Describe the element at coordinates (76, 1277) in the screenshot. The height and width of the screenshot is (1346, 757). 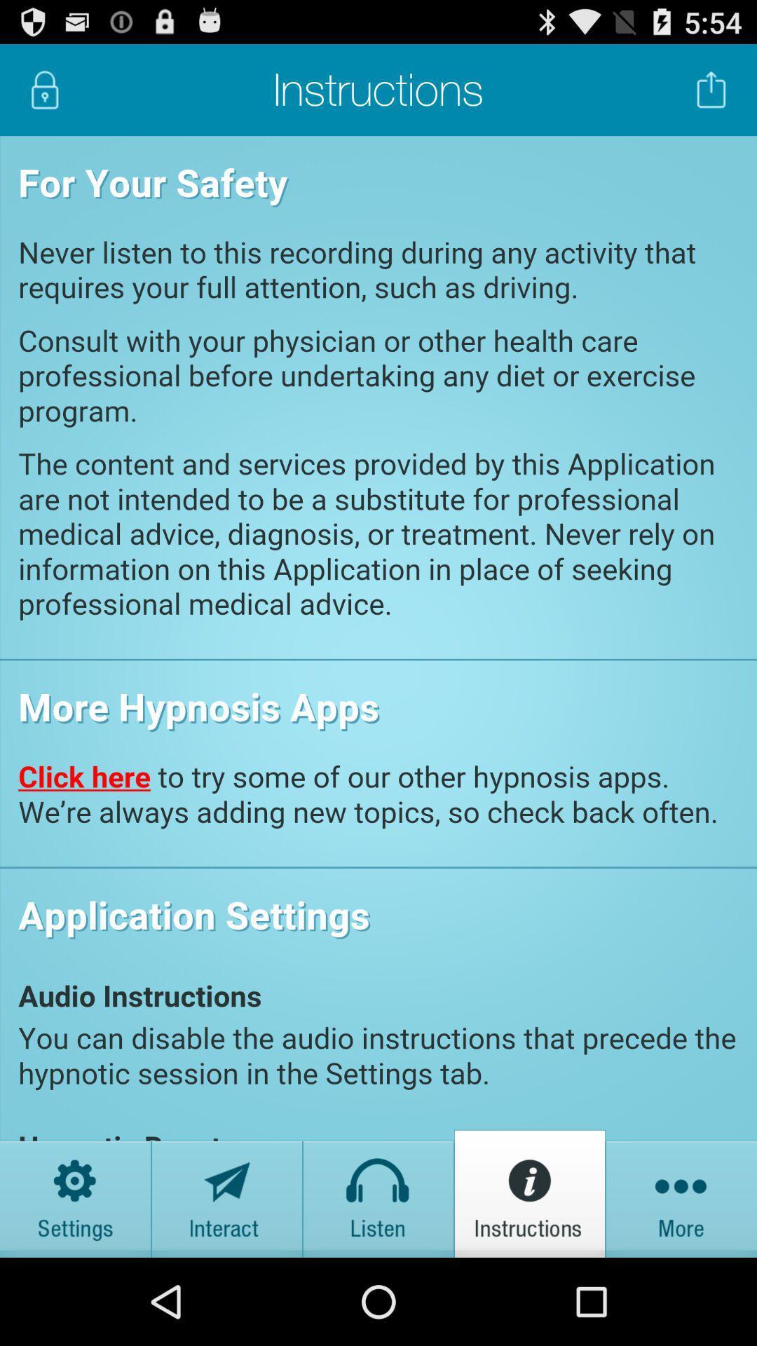
I see `the settings icon` at that location.